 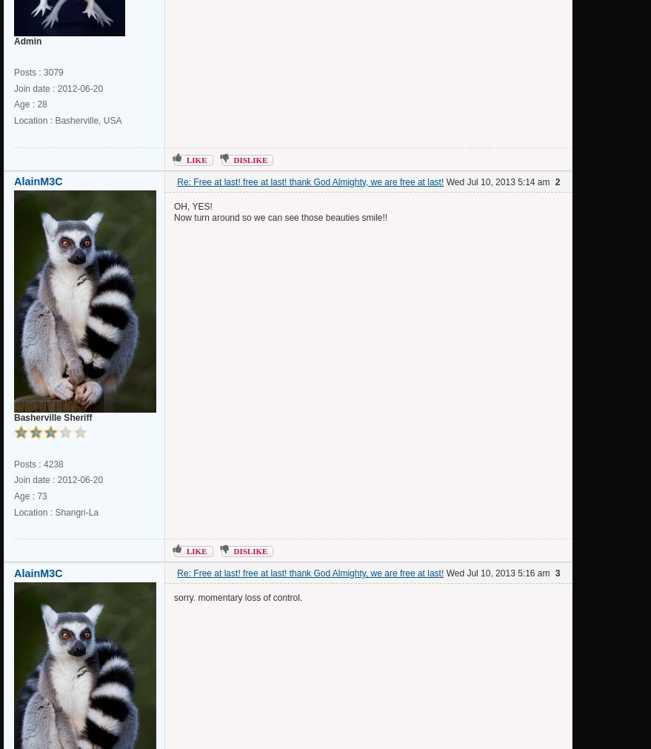 I want to click on '3', so click(x=556, y=573).